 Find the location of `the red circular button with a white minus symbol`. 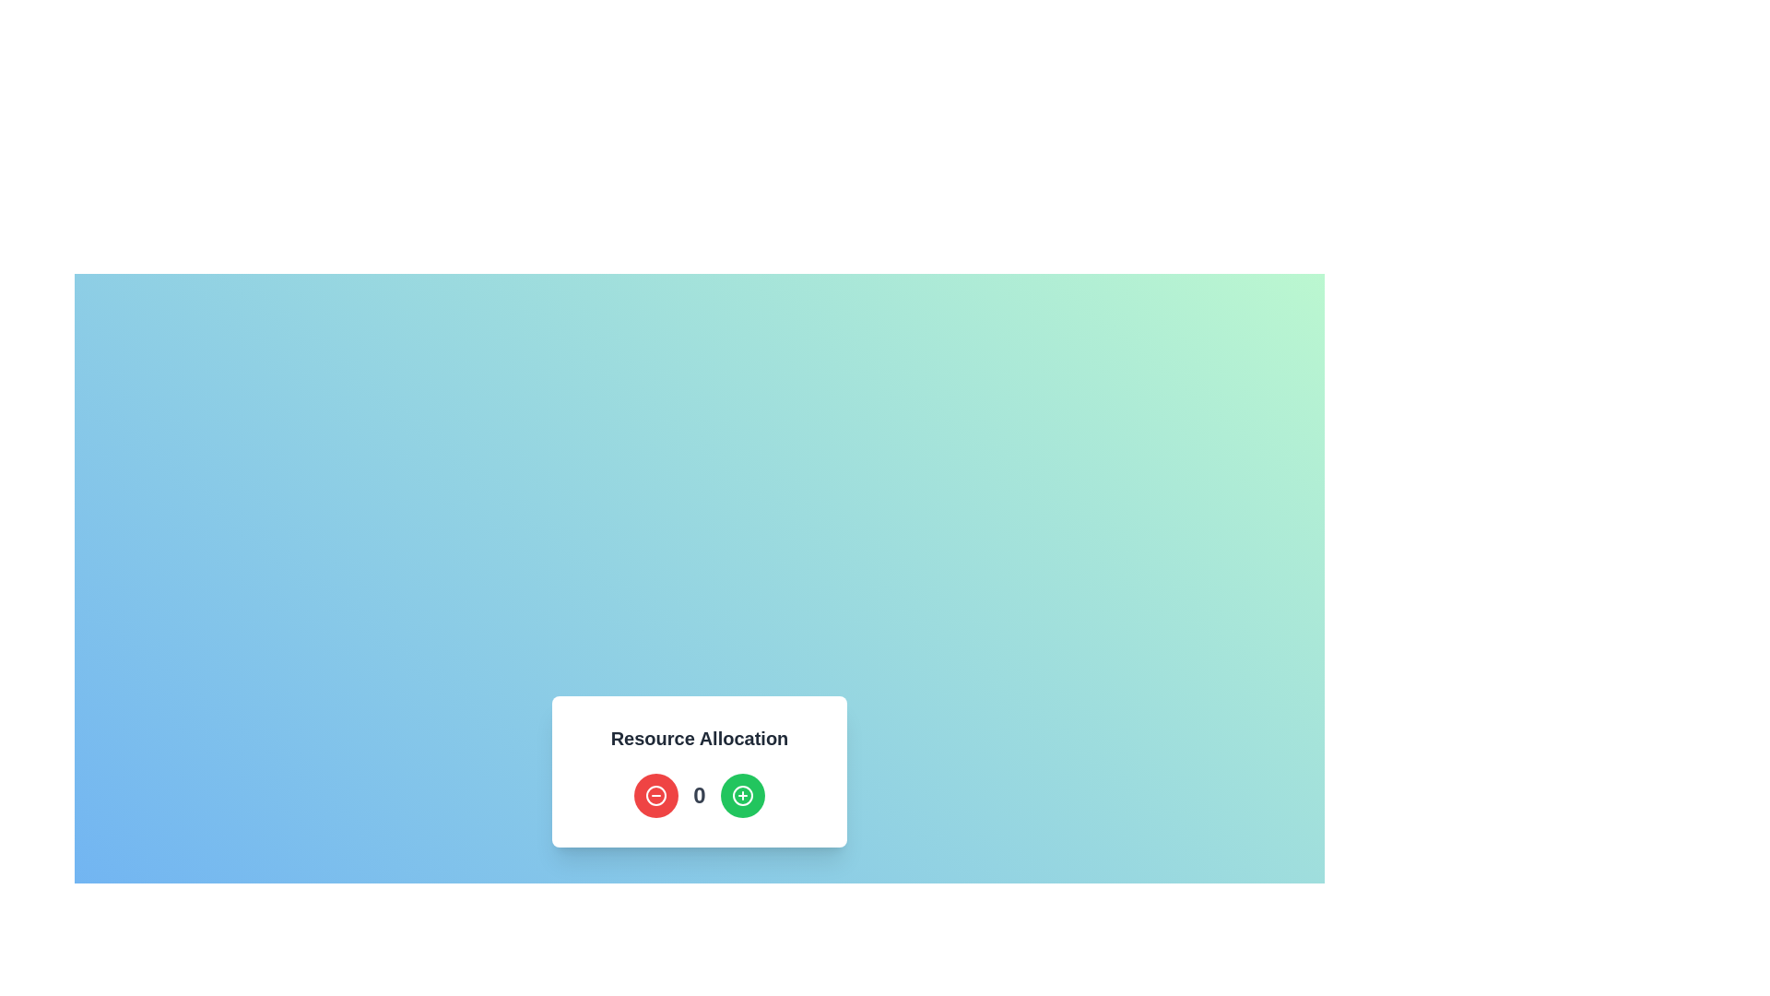

the red circular button with a white minus symbol is located at coordinates (656, 795).